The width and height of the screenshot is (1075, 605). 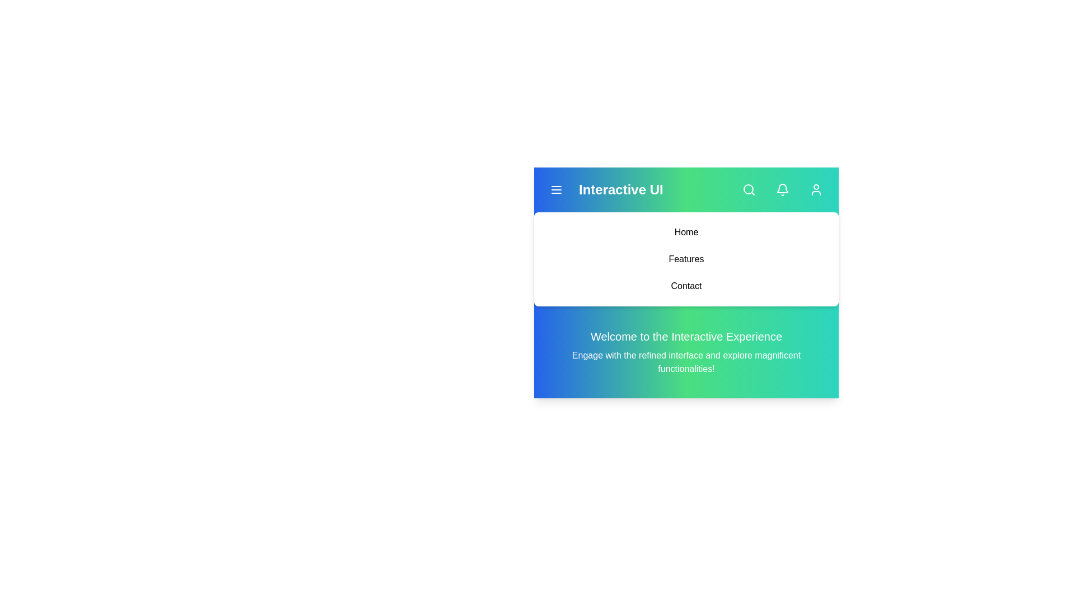 What do you see at coordinates (749, 189) in the screenshot?
I see `the 'Search' button` at bounding box center [749, 189].